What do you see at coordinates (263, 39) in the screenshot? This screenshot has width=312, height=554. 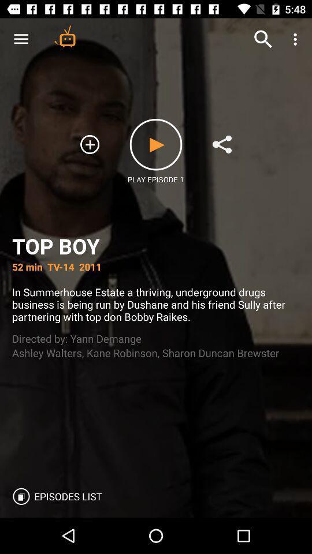 I see `icon above the top boy icon` at bounding box center [263, 39].